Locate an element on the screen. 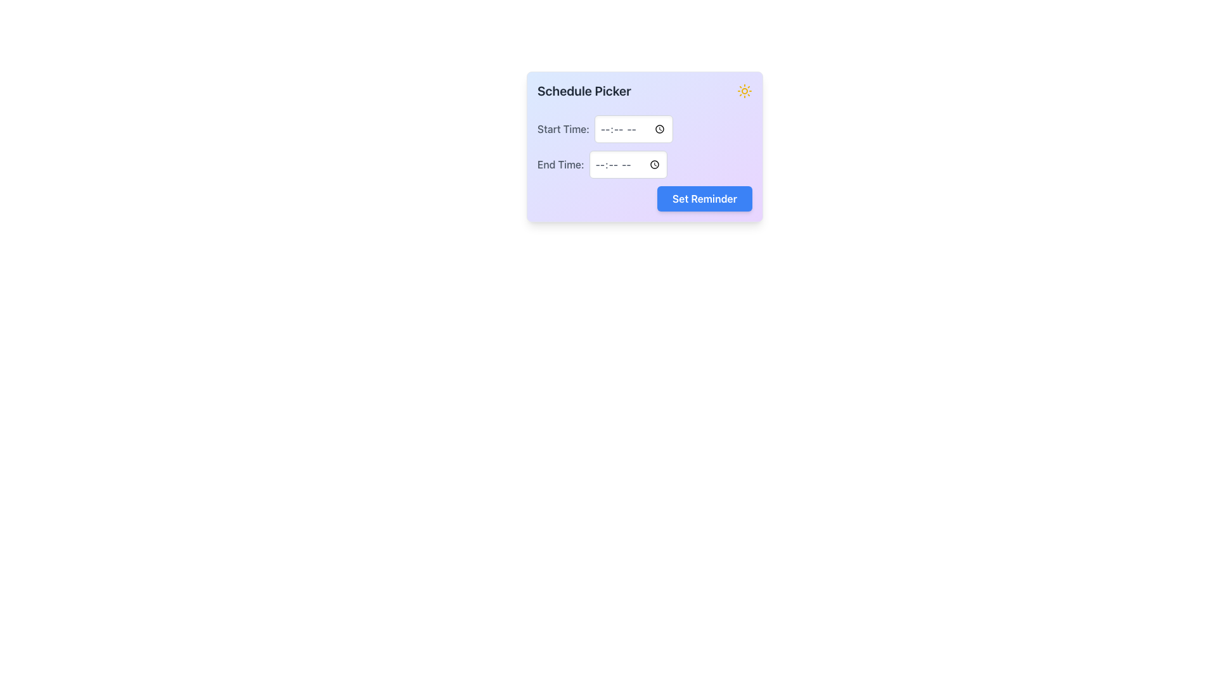  the Time input field labeled 'Start Time:' is located at coordinates (633, 129).